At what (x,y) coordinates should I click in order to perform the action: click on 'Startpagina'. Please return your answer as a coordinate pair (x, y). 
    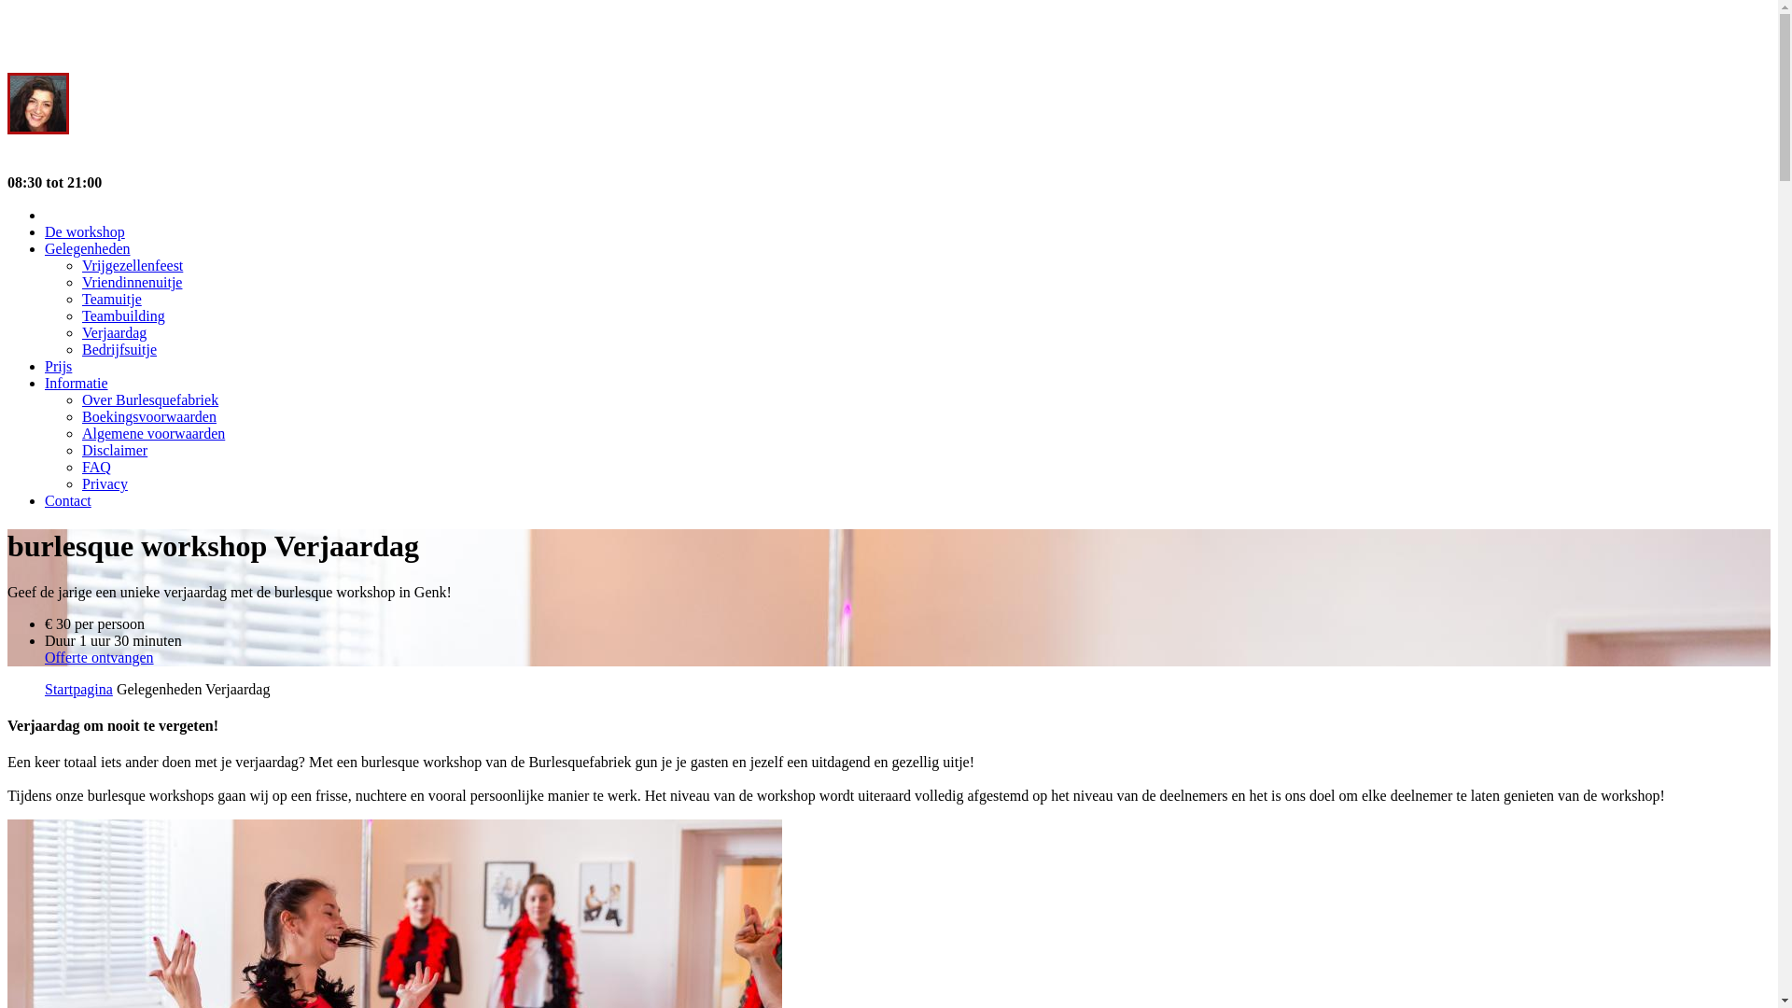
    Looking at the image, I should click on (77, 689).